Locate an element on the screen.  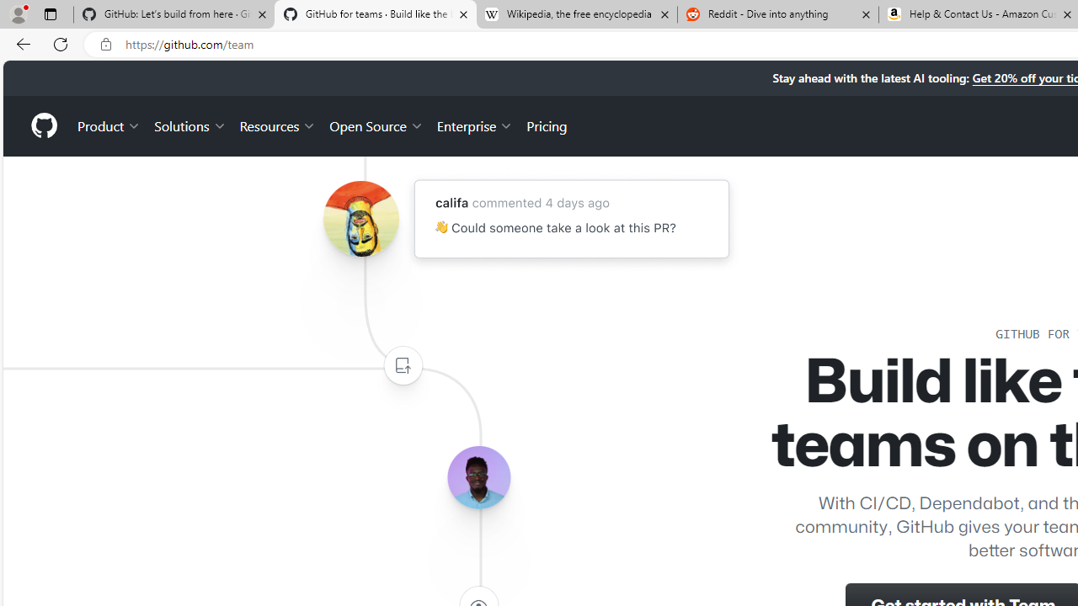
'Reddit - Dive into anything' is located at coordinates (777, 14).